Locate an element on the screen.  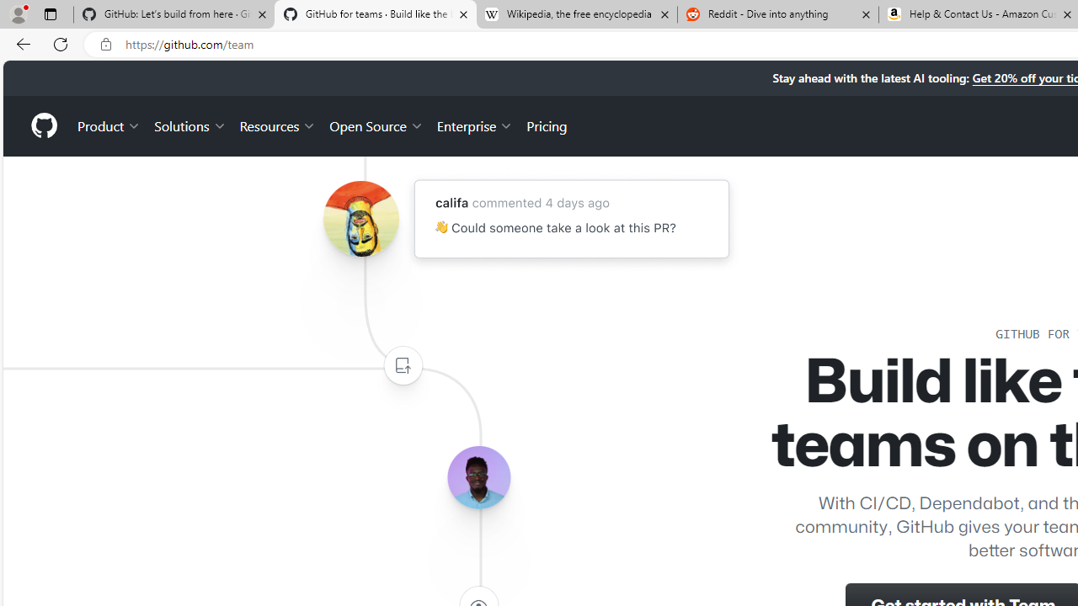
'Reddit - Dive into anything' is located at coordinates (777, 14).